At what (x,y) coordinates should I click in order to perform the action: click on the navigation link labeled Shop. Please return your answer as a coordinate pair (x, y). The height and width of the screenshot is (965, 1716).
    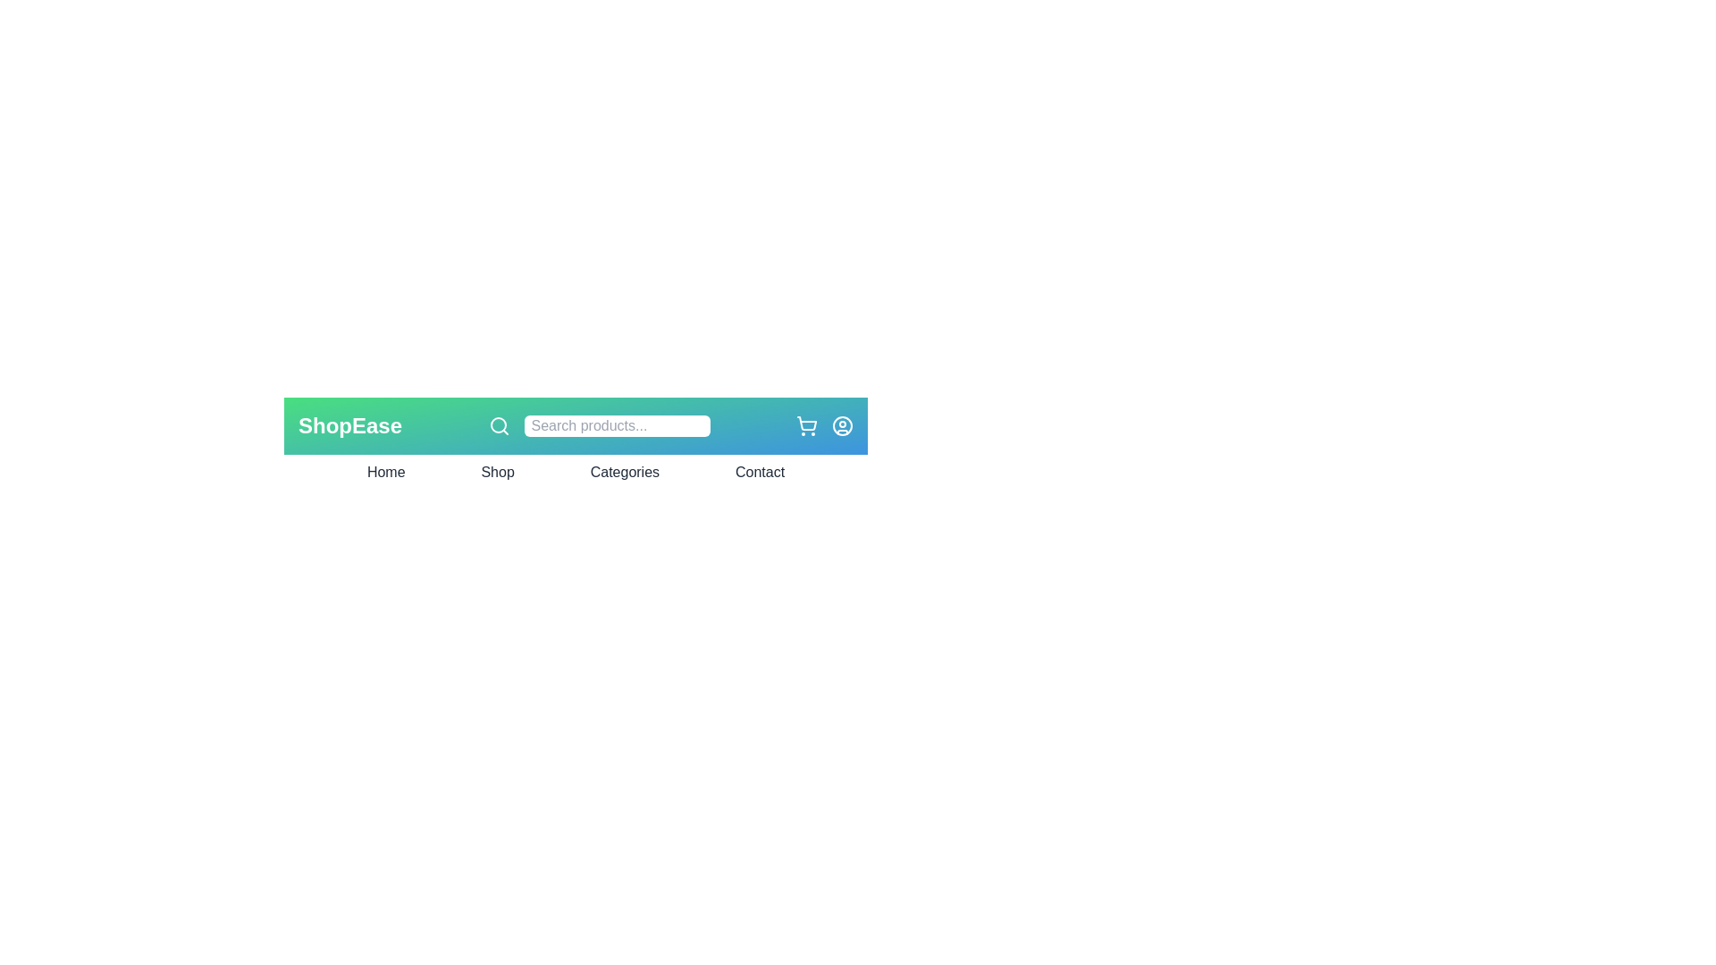
    Looking at the image, I should click on (497, 471).